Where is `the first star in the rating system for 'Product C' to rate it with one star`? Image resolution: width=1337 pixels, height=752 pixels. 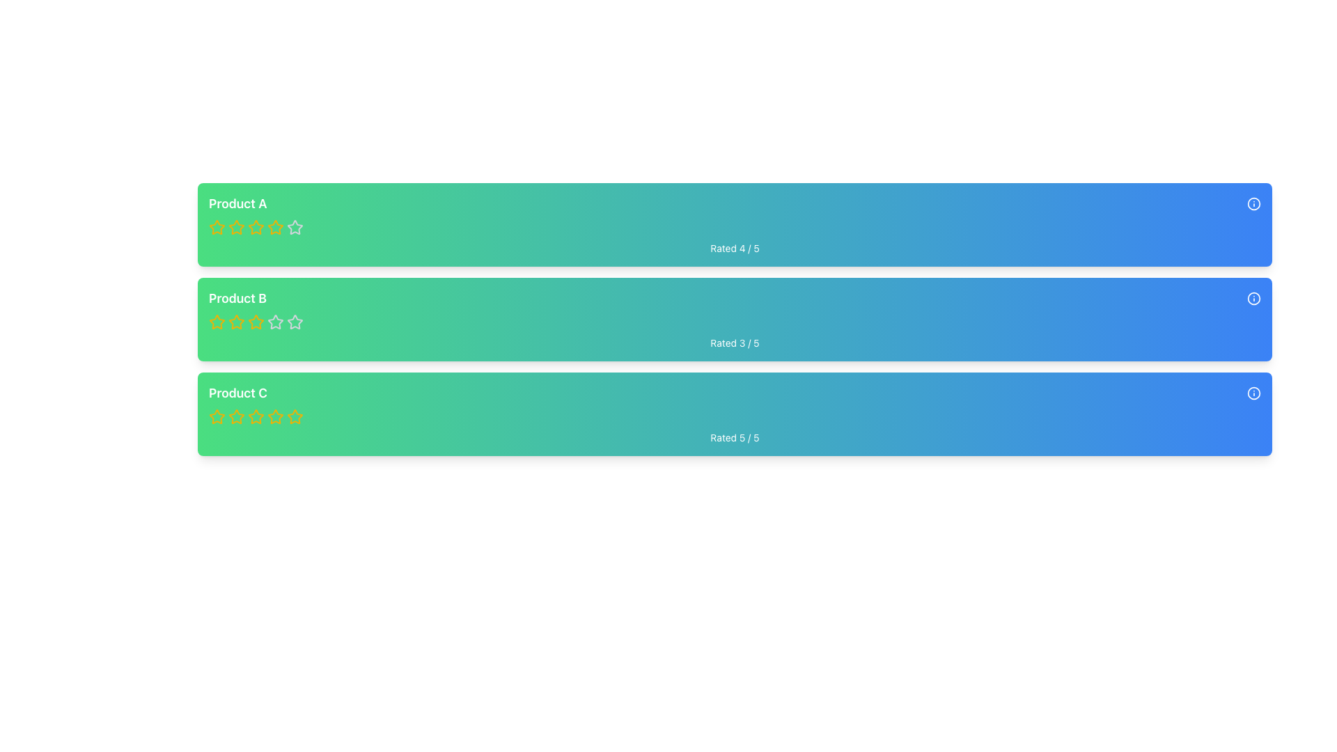 the first star in the rating system for 'Product C' to rate it with one star is located at coordinates (217, 416).